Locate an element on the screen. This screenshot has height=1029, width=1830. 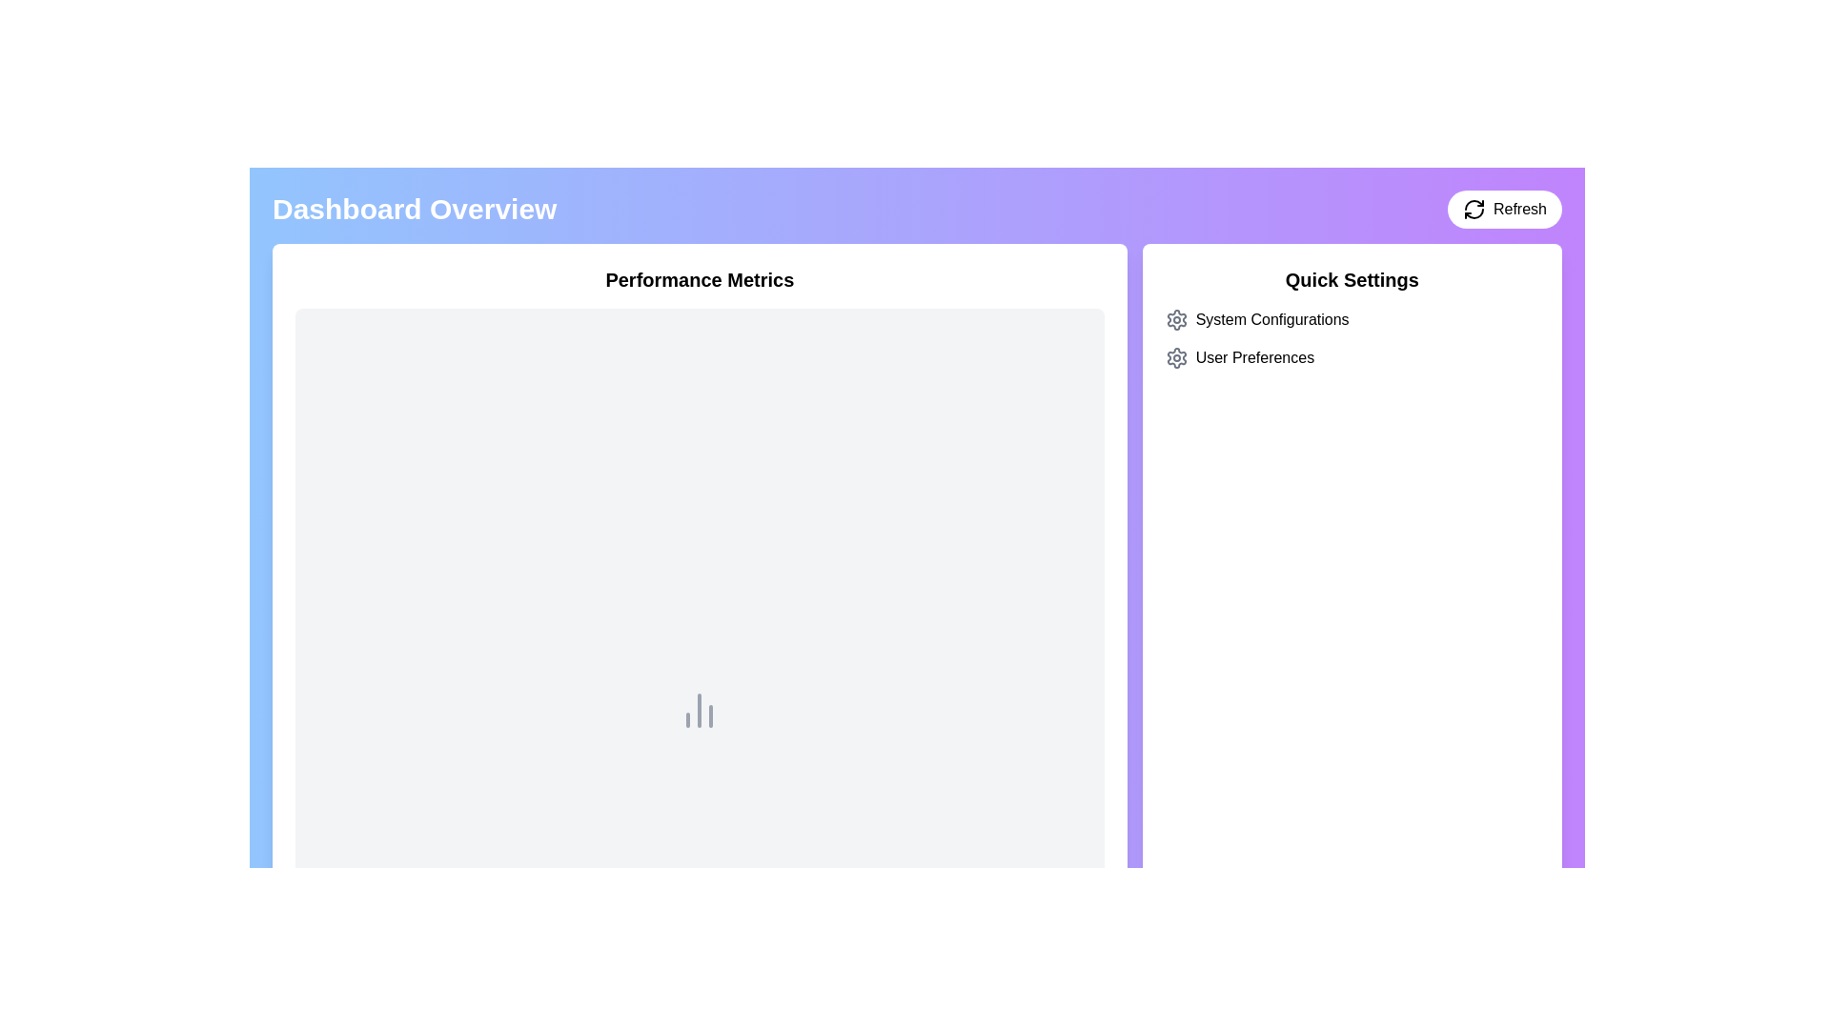
the refresh icon located inside the rounded button labeled 'Refresh' in the top-right corner of the interface is located at coordinates (1473, 209).